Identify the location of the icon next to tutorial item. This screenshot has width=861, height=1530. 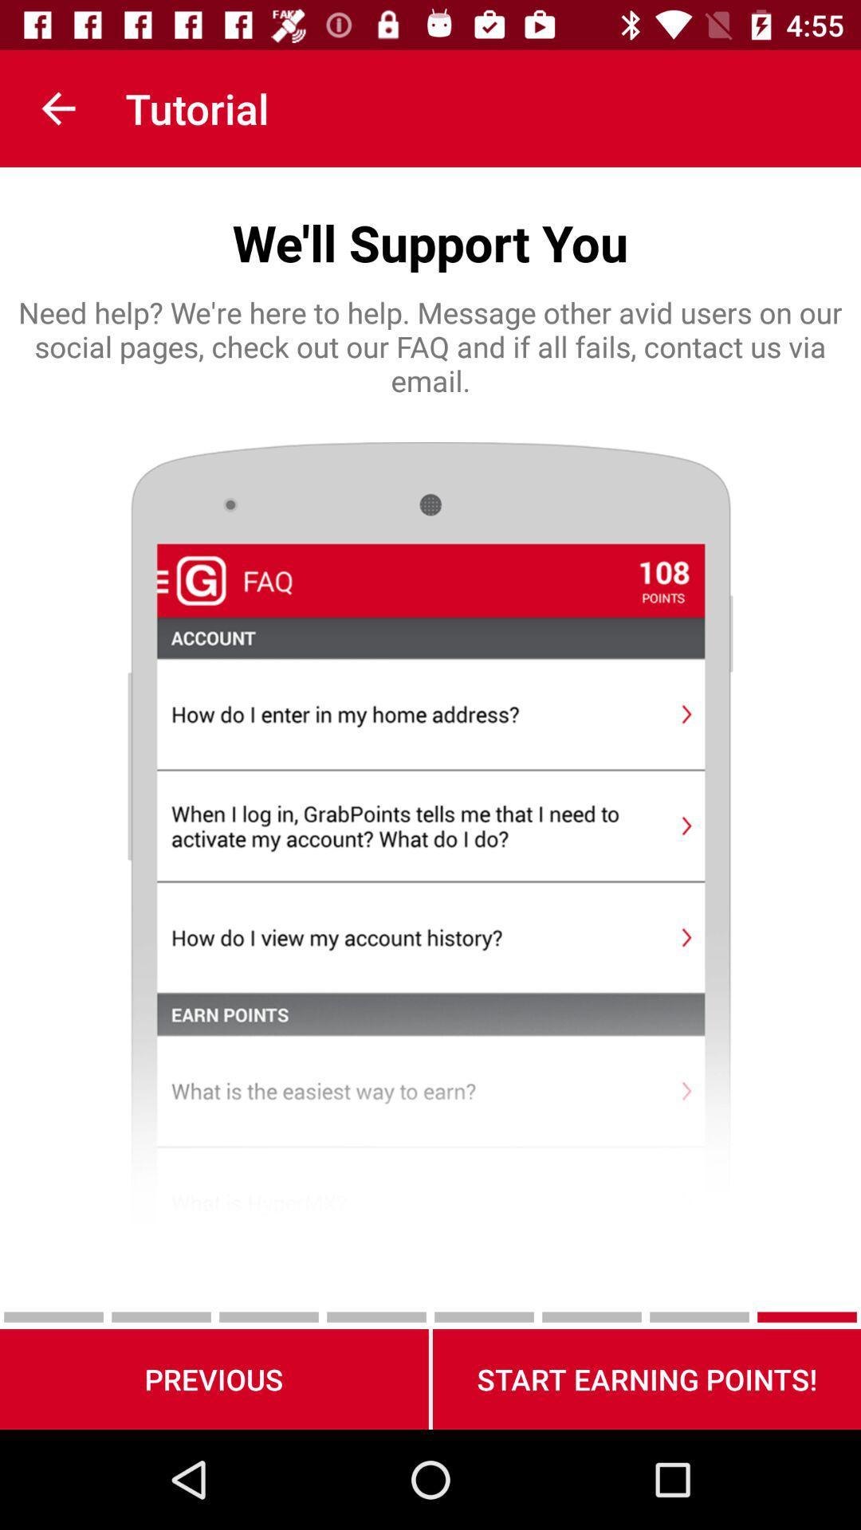
(57, 108).